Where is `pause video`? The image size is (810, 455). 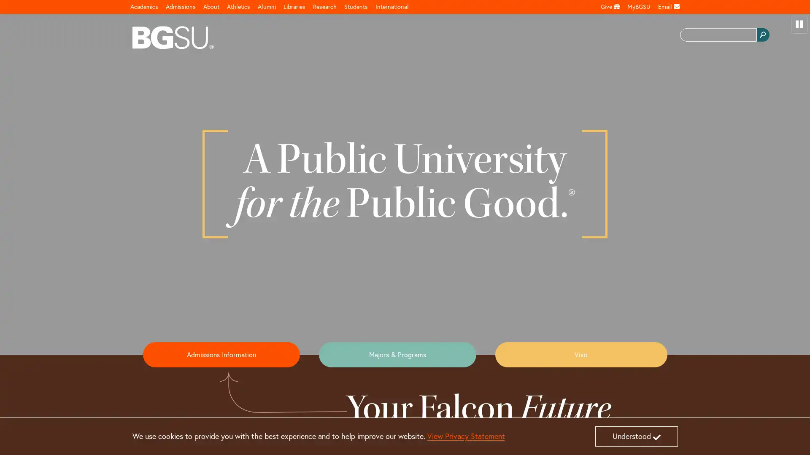 pause video is located at coordinates (799, 24).